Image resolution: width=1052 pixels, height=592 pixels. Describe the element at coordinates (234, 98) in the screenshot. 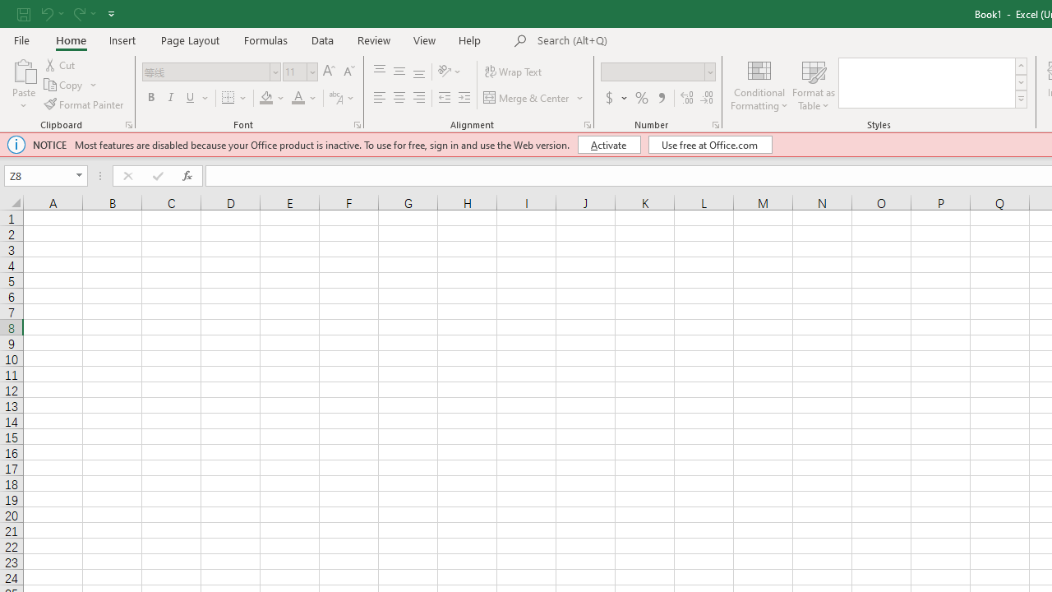

I see `'Borders'` at that location.